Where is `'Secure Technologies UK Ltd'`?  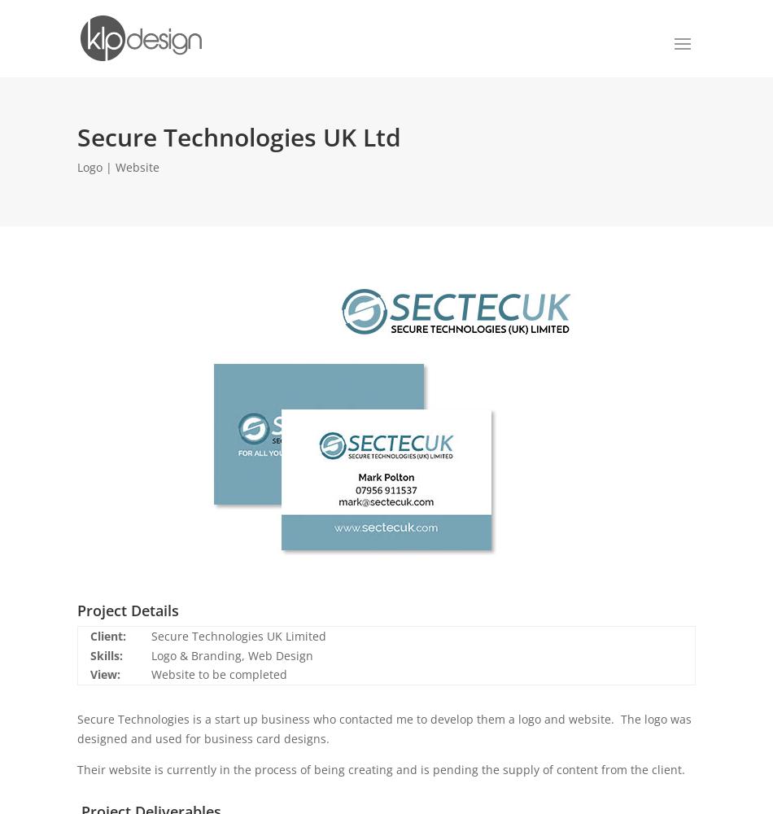 'Secure Technologies UK Ltd' is located at coordinates (238, 137).